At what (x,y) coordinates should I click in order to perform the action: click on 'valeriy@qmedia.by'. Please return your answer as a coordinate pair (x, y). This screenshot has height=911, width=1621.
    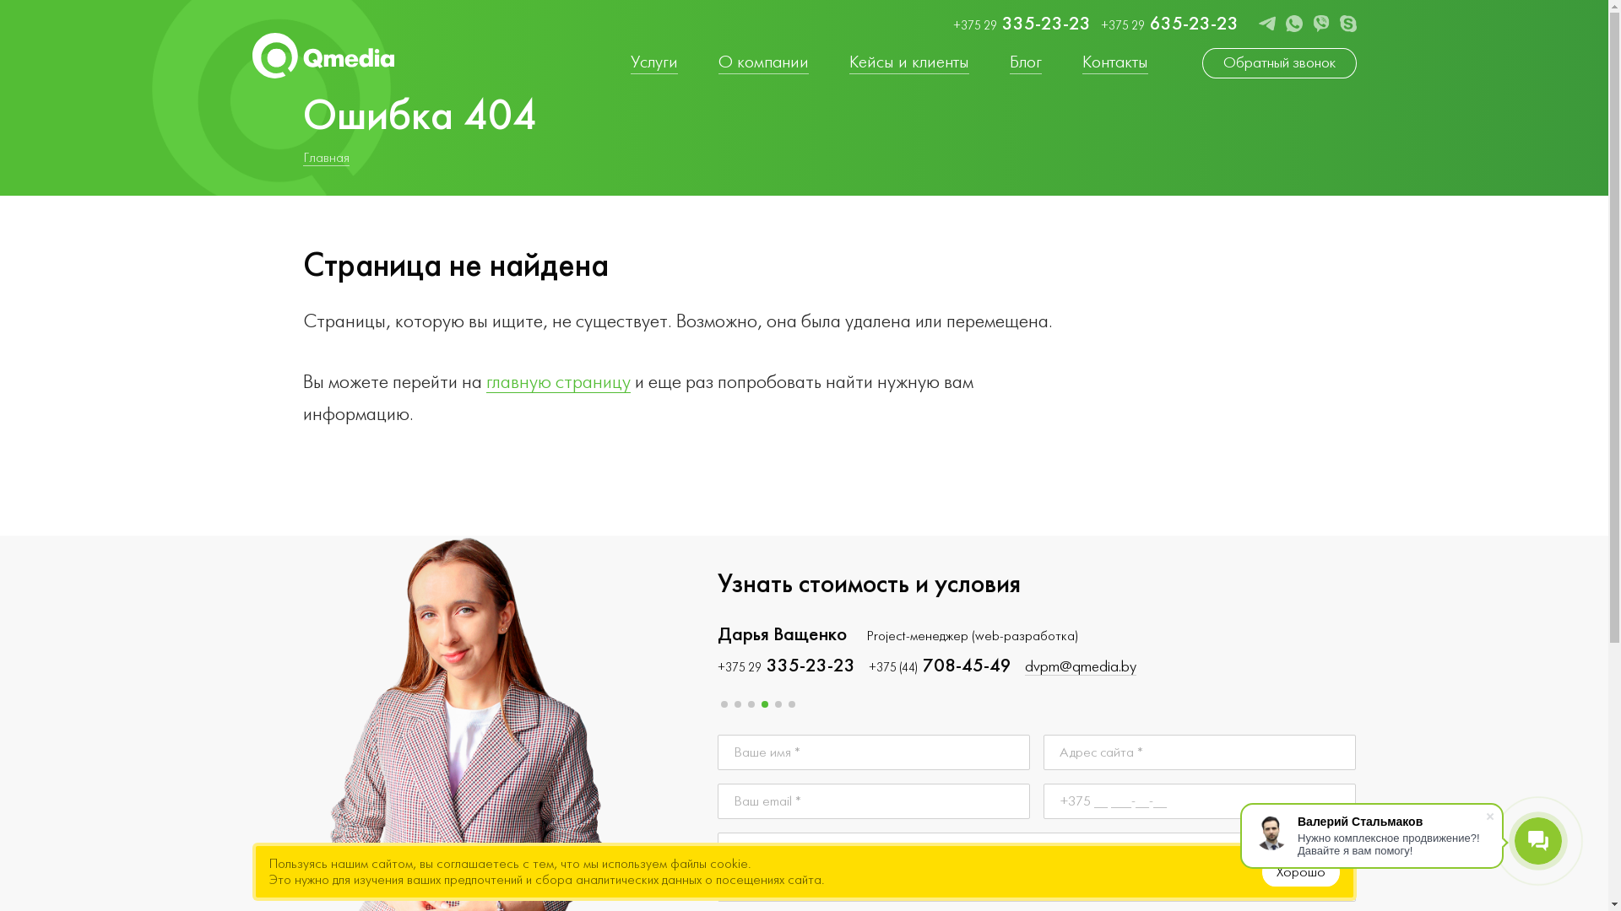
    Looking at the image, I should click on (1019, 666).